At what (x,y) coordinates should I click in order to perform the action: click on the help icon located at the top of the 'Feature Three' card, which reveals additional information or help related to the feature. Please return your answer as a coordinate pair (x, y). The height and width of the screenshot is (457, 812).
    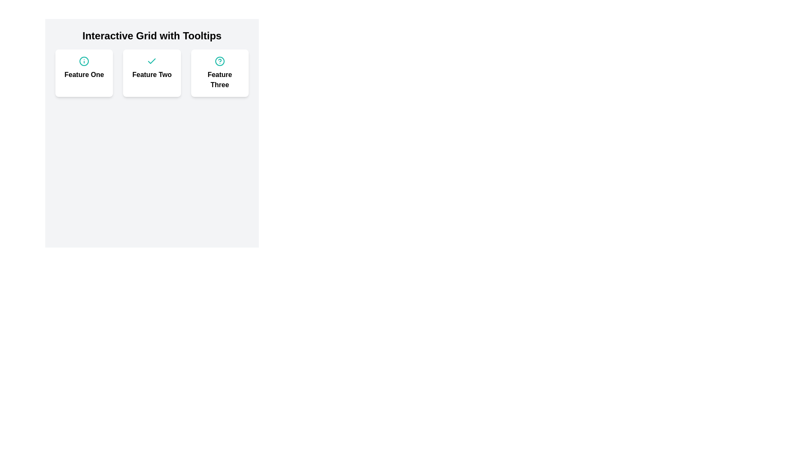
    Looking at the image, I should click on (219, 61).